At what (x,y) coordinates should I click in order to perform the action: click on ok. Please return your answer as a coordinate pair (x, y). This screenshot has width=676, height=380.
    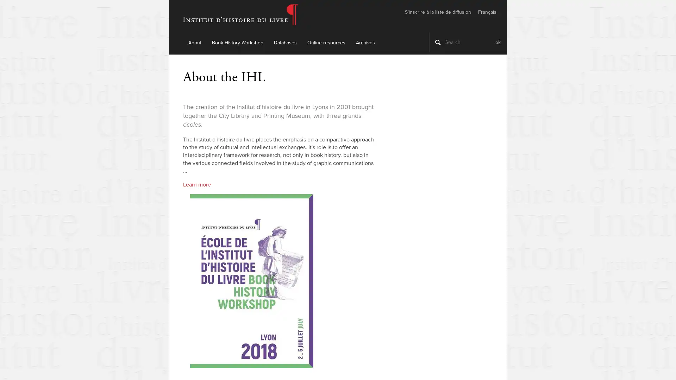
    Looking at the image, I should click on (497, 42).